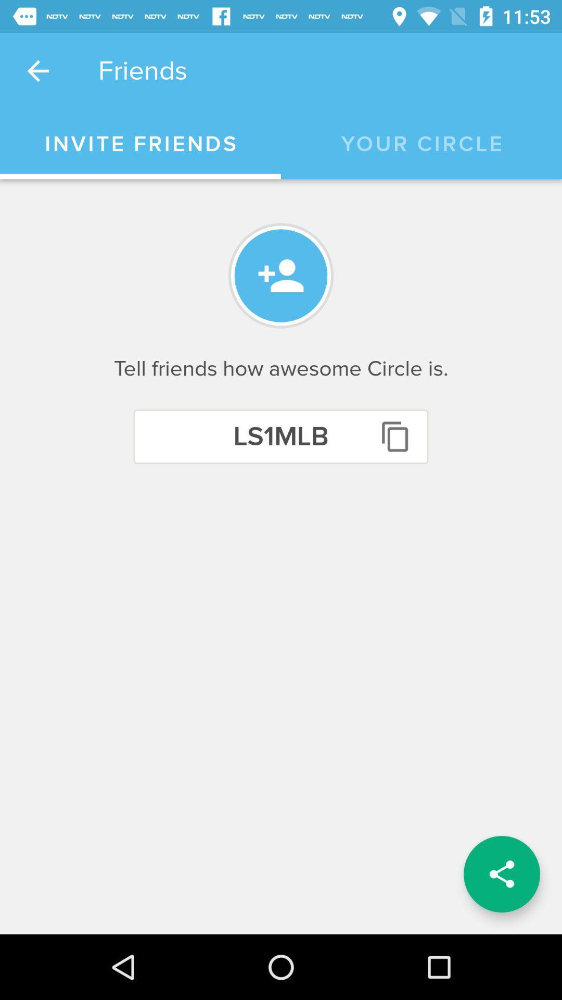 This screenshot has width=562, height=1000. I want to click on your circle icon, so click(421, 144).